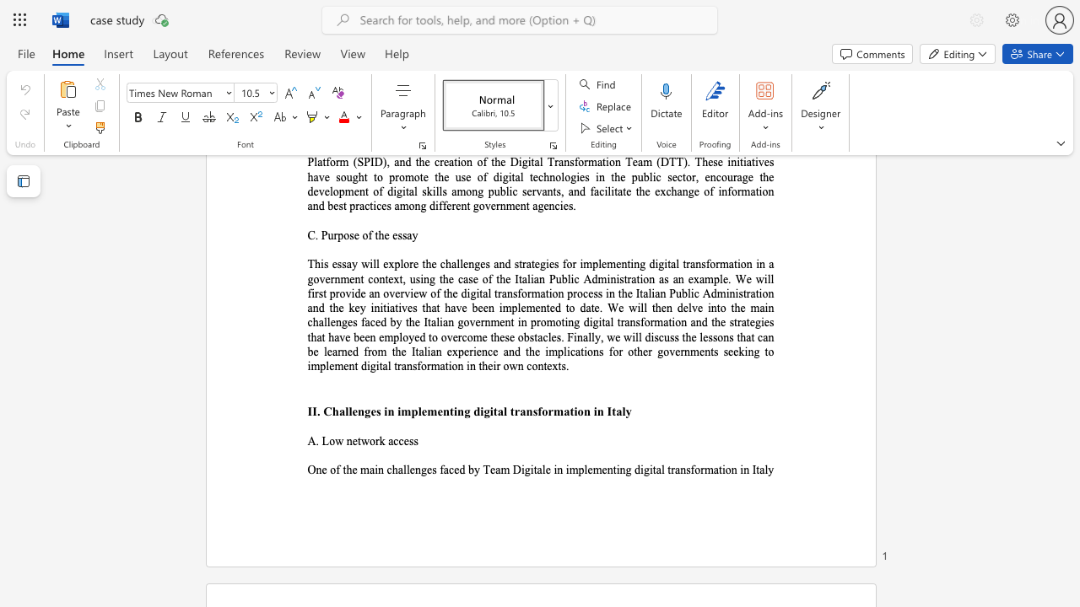 The image size is (1080, 607). Describe the element at coordinates (451, 411) in the screenshot. I see `the 1th character "t" in the text` at that location.